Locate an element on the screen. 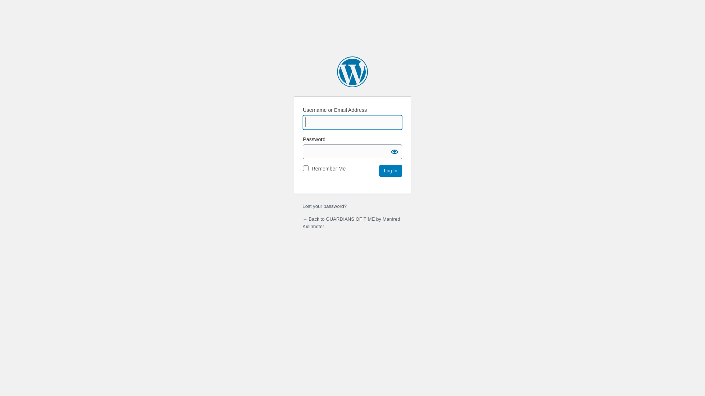 The height and width of the screenshot is (396, 705). 'Log In' is located at coordinates (390, 171).